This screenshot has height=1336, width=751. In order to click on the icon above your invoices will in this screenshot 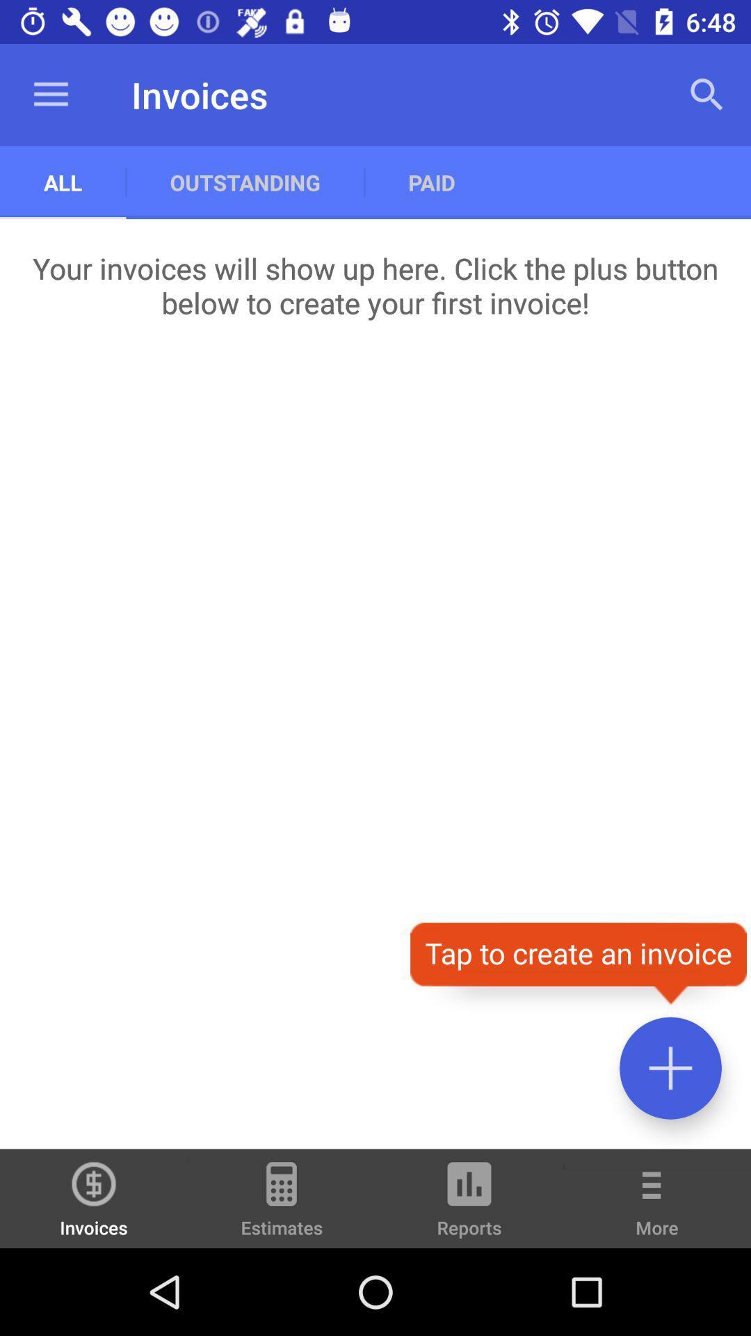, I will do `click(707, 94)`.